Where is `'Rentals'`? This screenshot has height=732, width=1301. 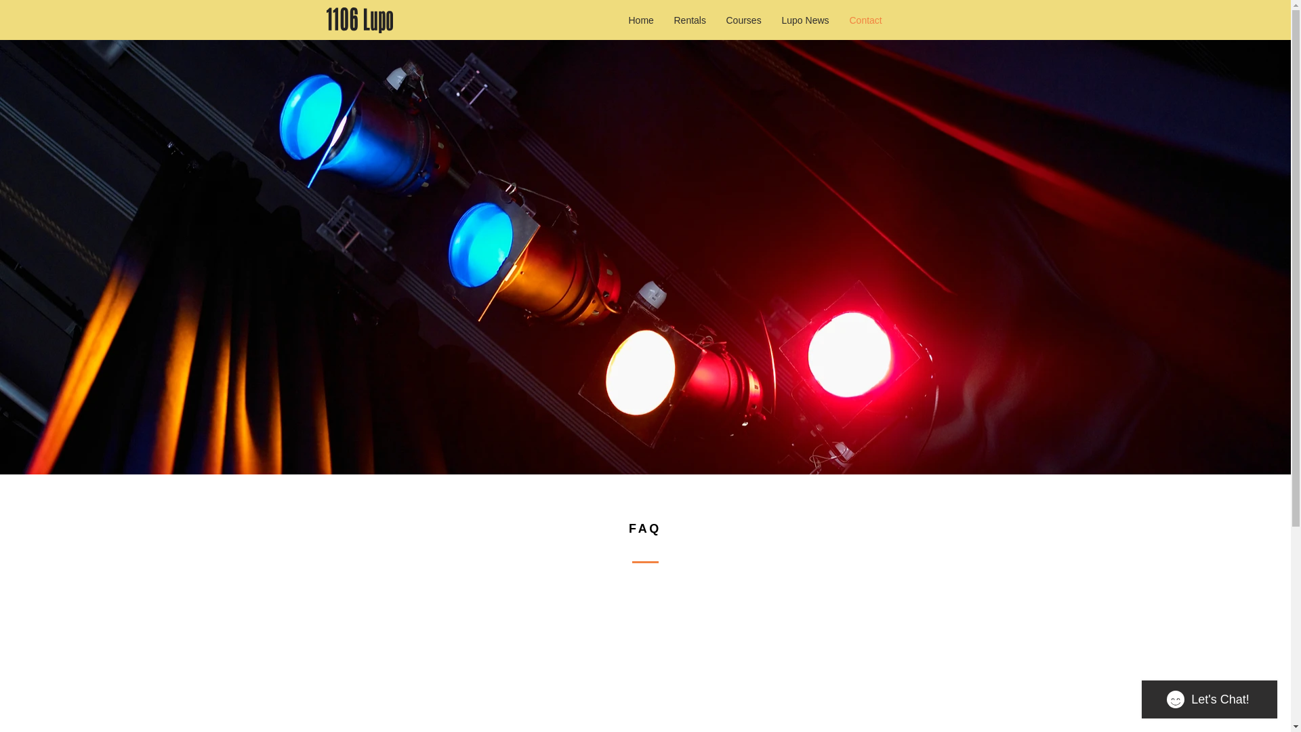 'Rentals' is located at coordinates (690, 20).